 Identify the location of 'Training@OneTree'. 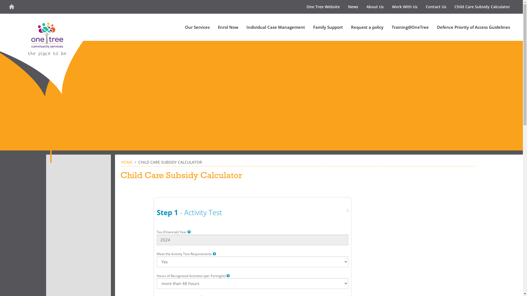
(387, 27).